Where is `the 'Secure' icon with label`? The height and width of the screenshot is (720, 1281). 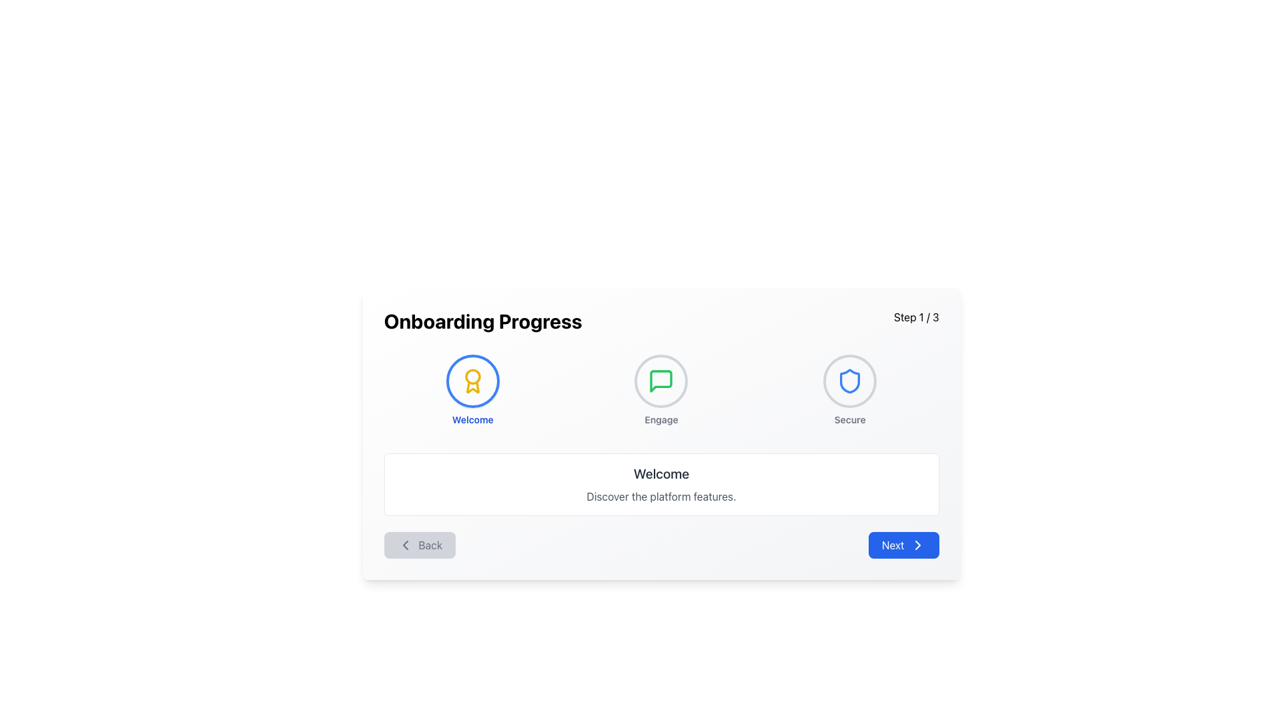 the 'Secure' icon with label is located at coordinates (849, 390).